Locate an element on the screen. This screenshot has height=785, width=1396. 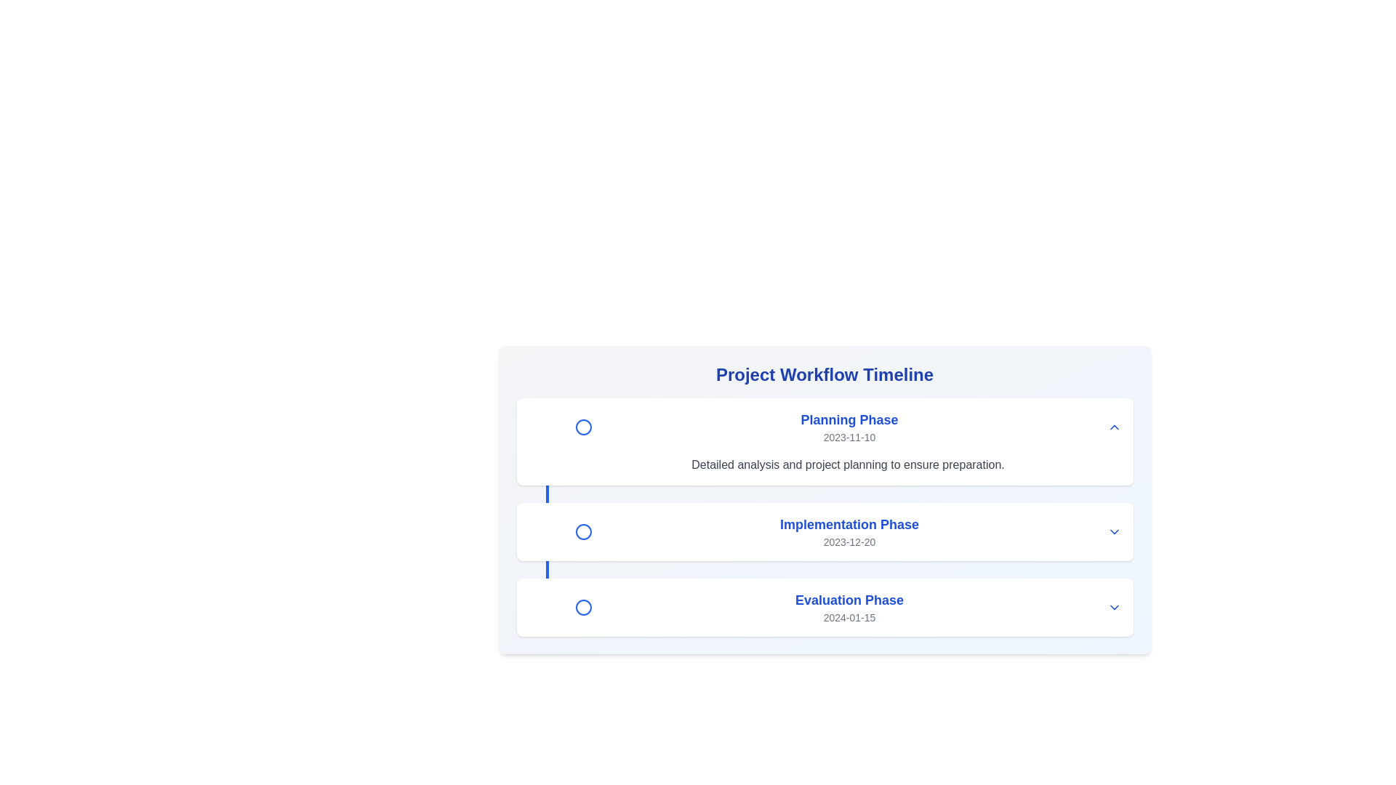
the interactive icon on the far right of the 'Implementation Phase' section is located at coordinates (1113, 532).